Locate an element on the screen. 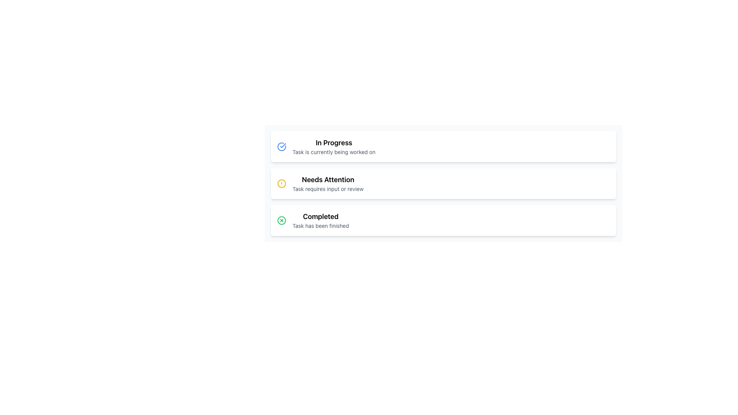 The image size is (738, 415). the primary heading or title text that indicates the current status of a task, which is situated above the descriptive text saying 'Task is currently being worked on' is located at coordinates (334, 143).